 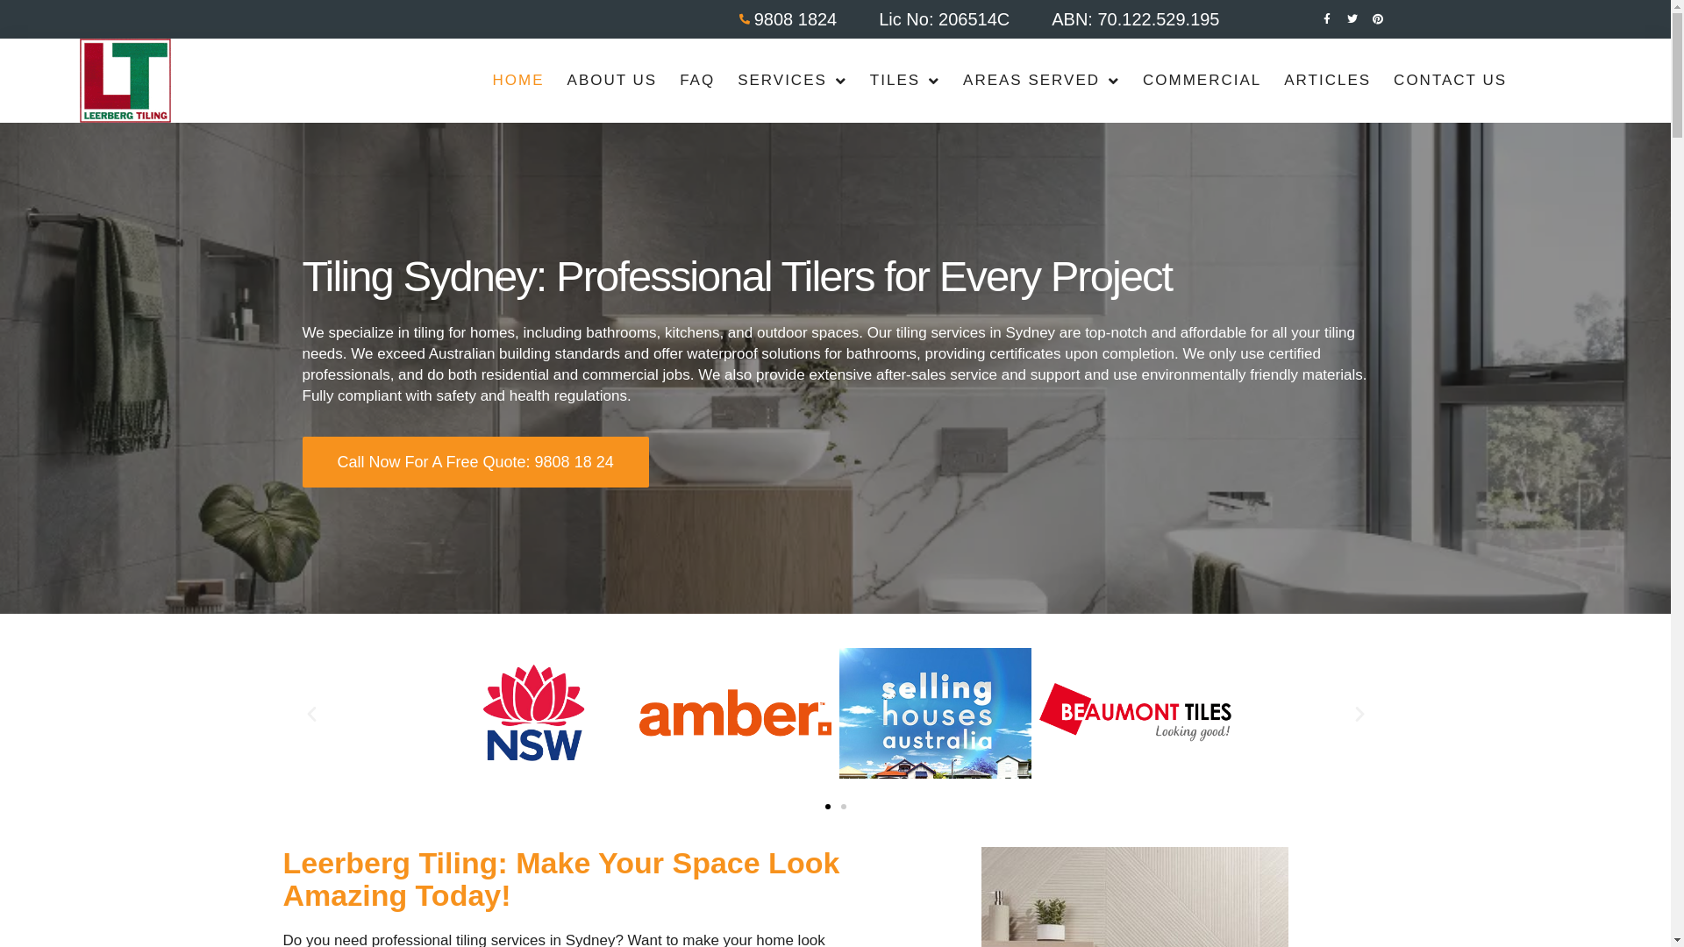 I want to click on 'Call Now For A Free Quote: 9808 18 24', so click(x=475, y=461).